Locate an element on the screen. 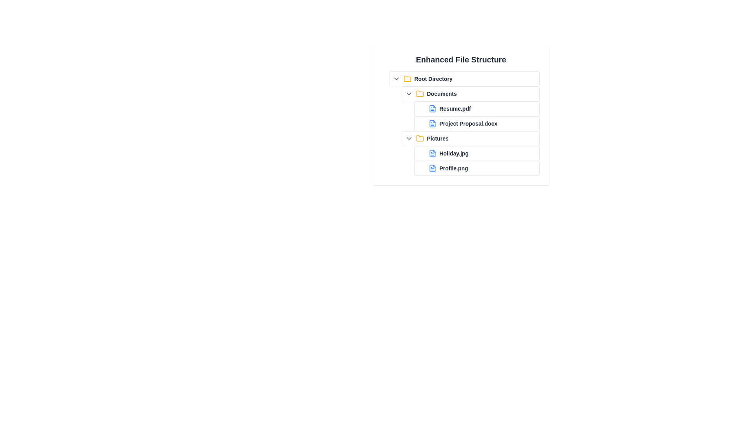  the 'Profile.png' file item, which is the second file listed under the 'Pictures' folder is located at coordinates (473, 168).